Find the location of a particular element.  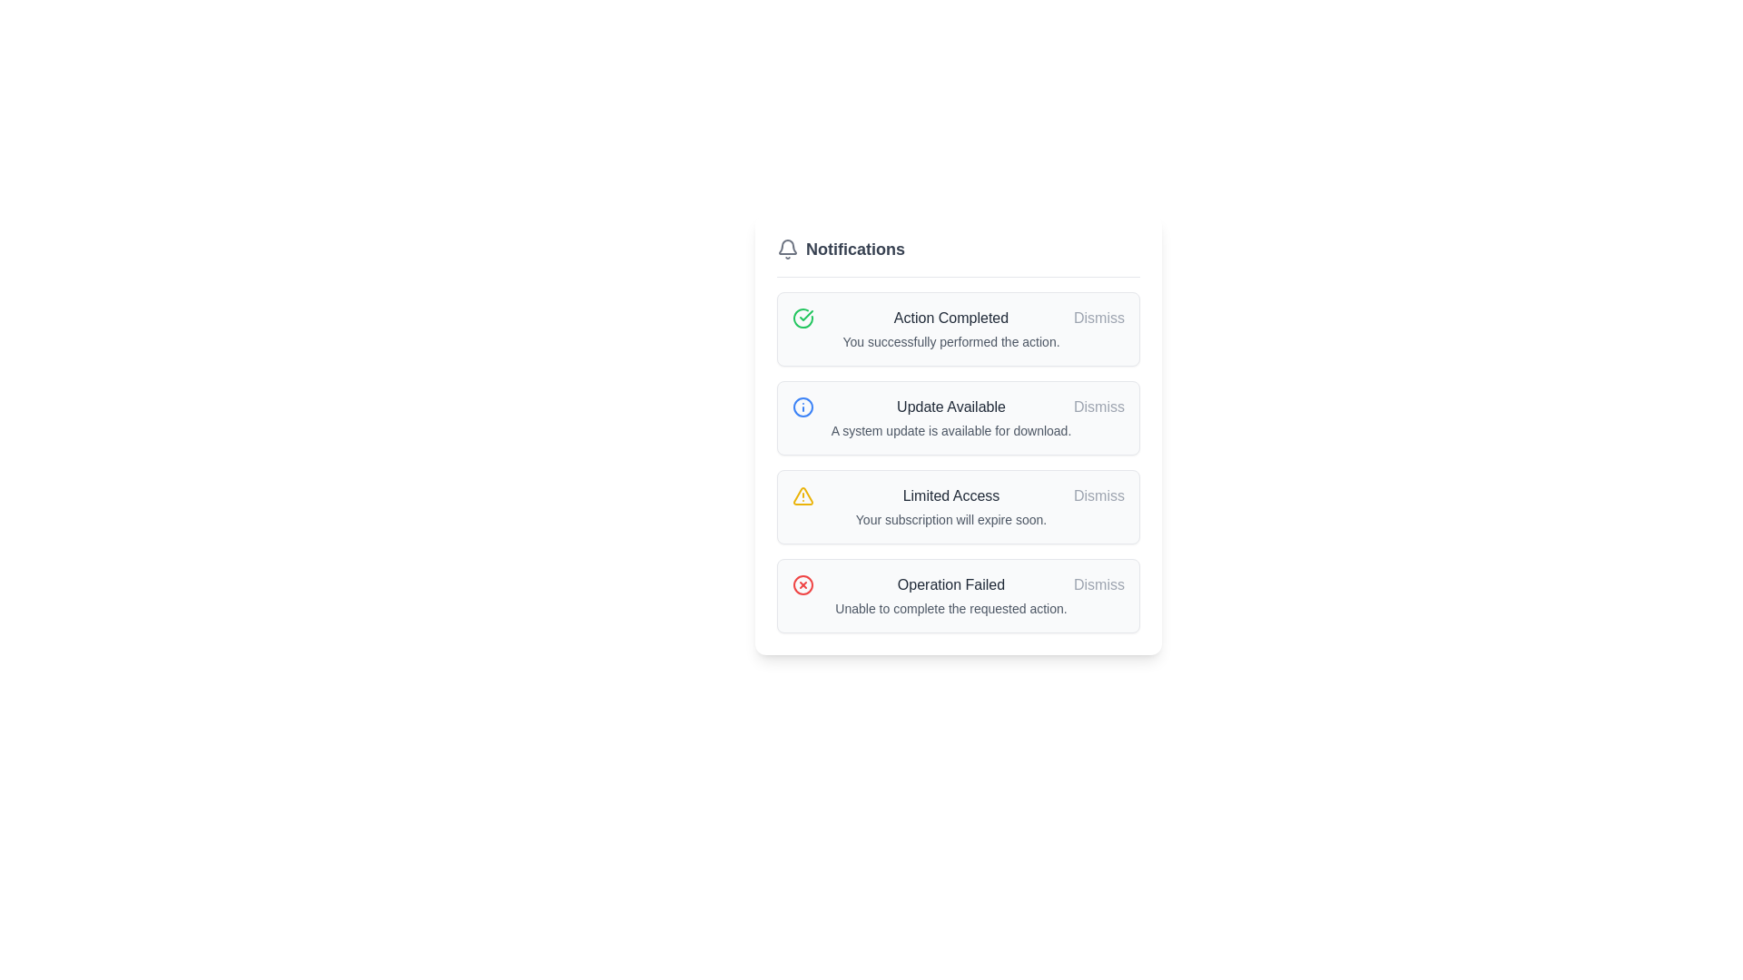

the SVG graphic component that represents an arc in a green outline, which is part of the checkmark icon inside the notification card labeled 'Action Completed' is located at coordinates (802, 318).